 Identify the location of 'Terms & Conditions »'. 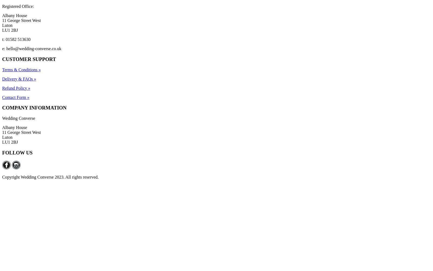
(21, 69).